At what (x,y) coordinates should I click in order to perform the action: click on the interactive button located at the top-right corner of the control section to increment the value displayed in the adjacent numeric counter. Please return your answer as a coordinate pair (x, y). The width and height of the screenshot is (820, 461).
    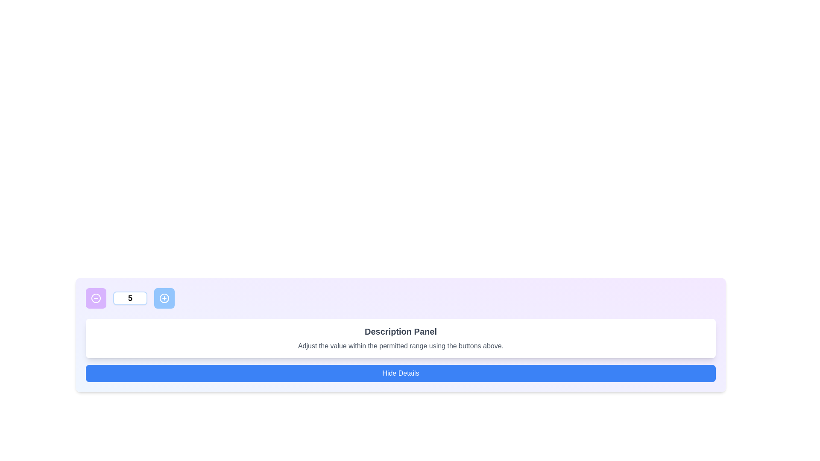
    Looking at the image, I should click on (164, 298).